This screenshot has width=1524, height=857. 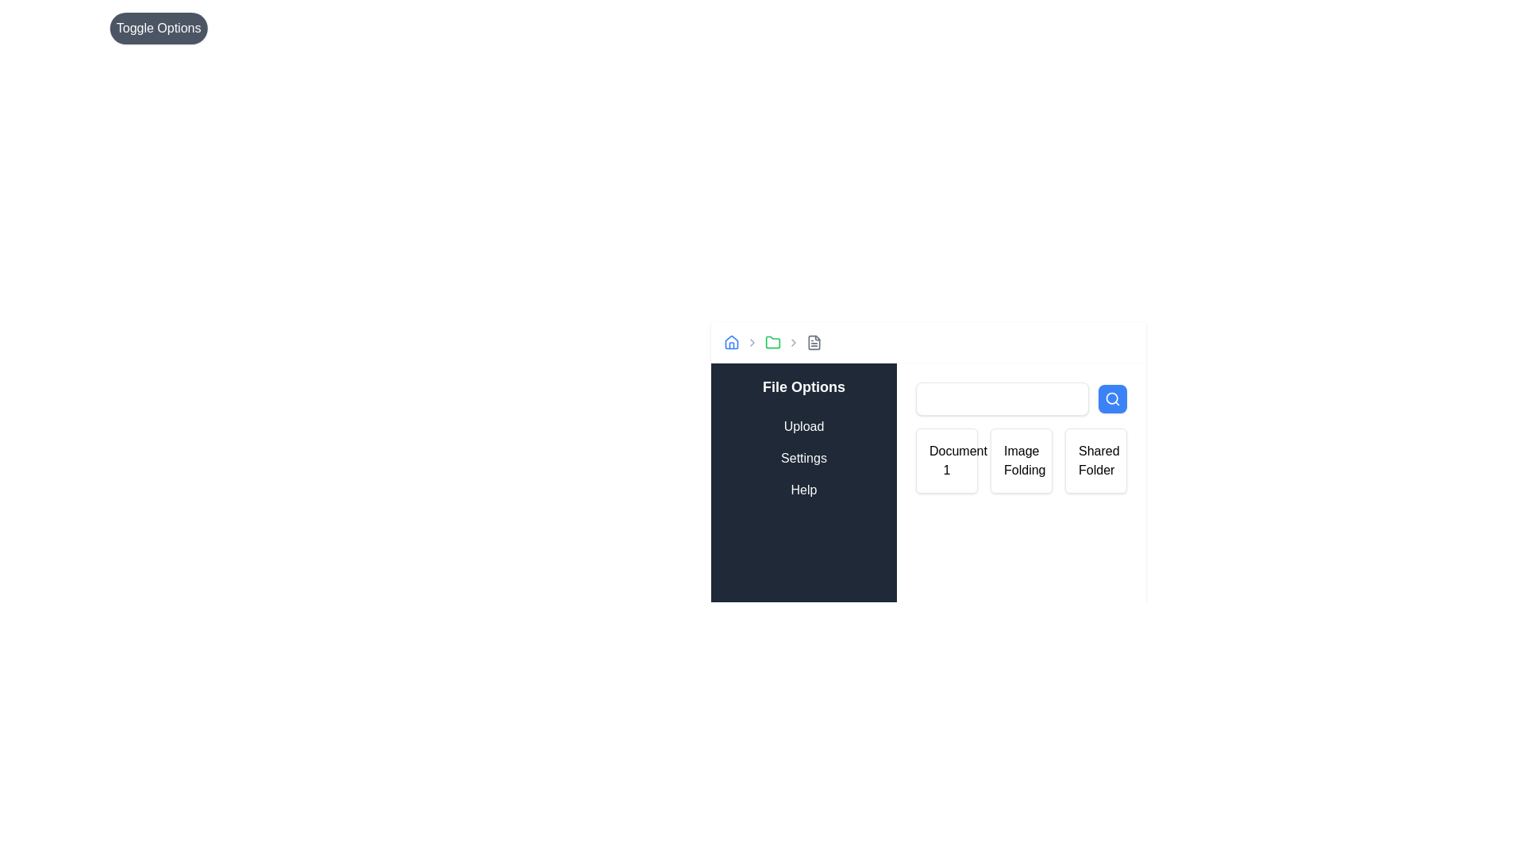 I want to click on the 'Home' icon located at the top-left corner of the horizontal bar for navigation to the main page of the application, so click(x=730, y=342).